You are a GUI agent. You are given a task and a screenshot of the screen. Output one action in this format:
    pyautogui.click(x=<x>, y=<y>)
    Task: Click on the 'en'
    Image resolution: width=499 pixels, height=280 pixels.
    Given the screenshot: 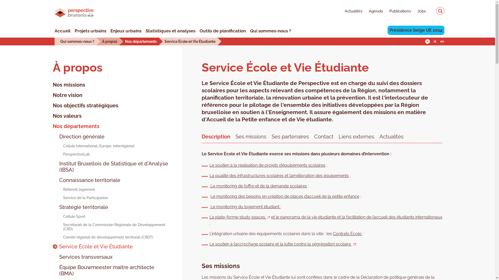 What is the action you would take?
    pyautogui.click(x=442, y=41)
    